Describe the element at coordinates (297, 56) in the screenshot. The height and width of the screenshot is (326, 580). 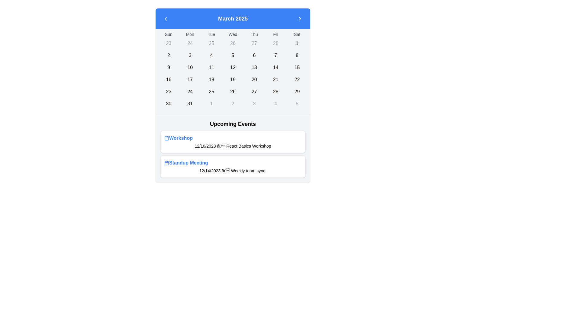
I see `the text-based clickable grid cell representing the second Saturday of March 2025` at that location.